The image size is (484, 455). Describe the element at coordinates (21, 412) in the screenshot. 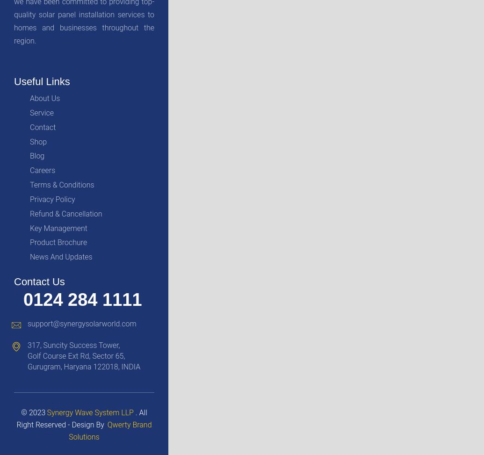

I see `'© 2023'` at that location.